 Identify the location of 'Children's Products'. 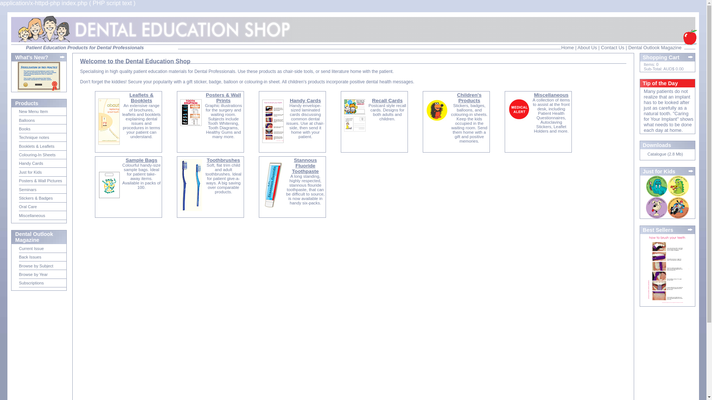
(469, 97).